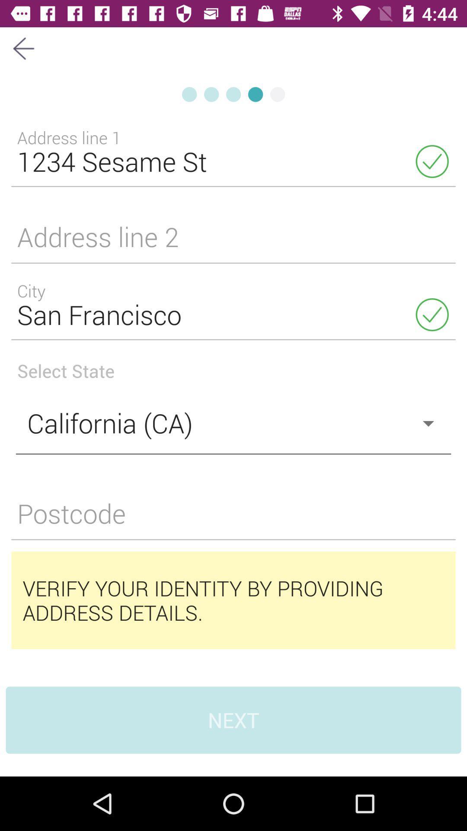 The width and height of the screenshot is (467, 831). What do you see at coordinates (233, 242) in the screenshot?
I see `allows to enter second address` at bounding box center [233, 242].